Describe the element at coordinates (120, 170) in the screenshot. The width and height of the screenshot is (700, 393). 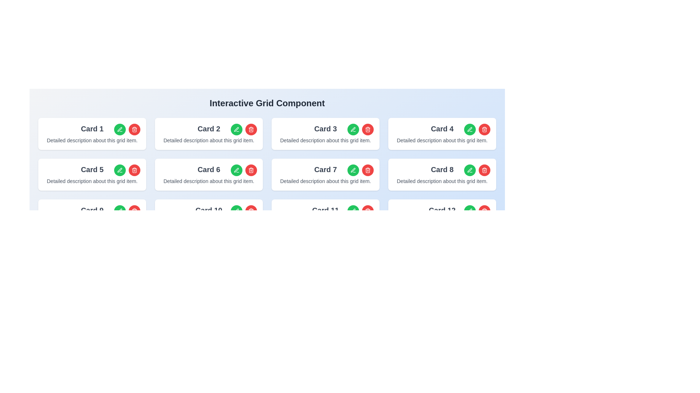
I see `the green pen icon button located in 'Card 5' to initiate editing` at that location.